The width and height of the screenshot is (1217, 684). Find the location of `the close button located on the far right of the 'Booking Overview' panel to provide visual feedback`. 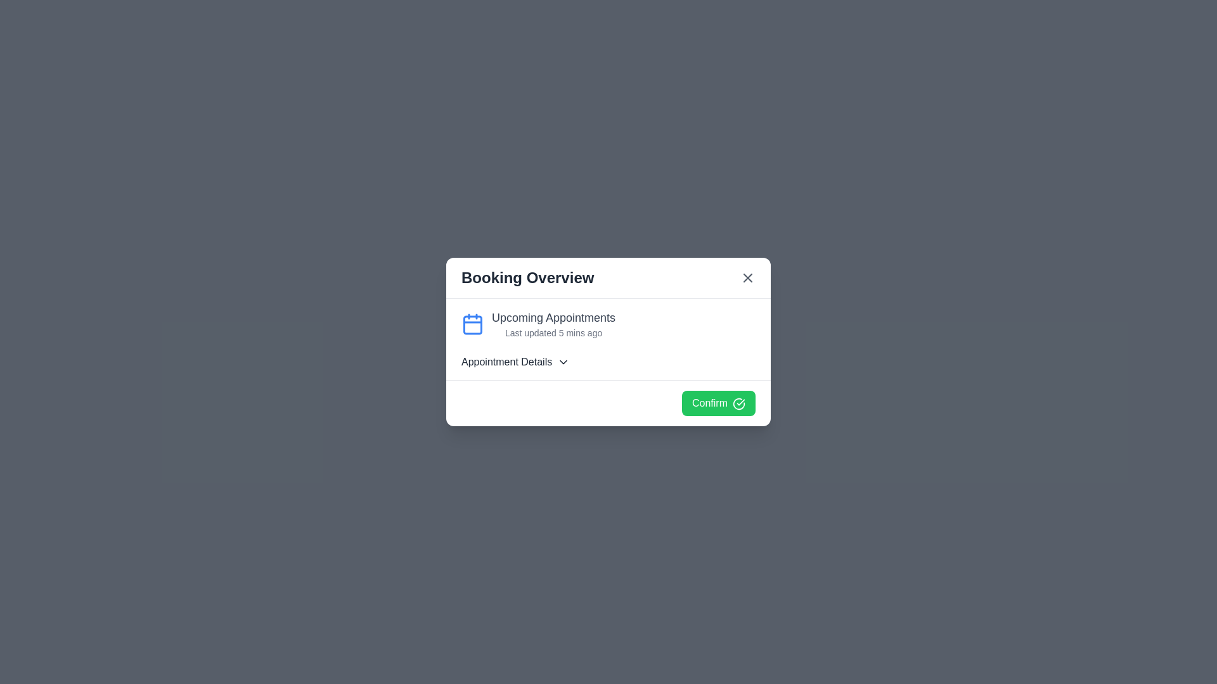

the close button located on the far right of the 'Booking Overview' panel to provide visual feedback is located at coordinates (748, 277).